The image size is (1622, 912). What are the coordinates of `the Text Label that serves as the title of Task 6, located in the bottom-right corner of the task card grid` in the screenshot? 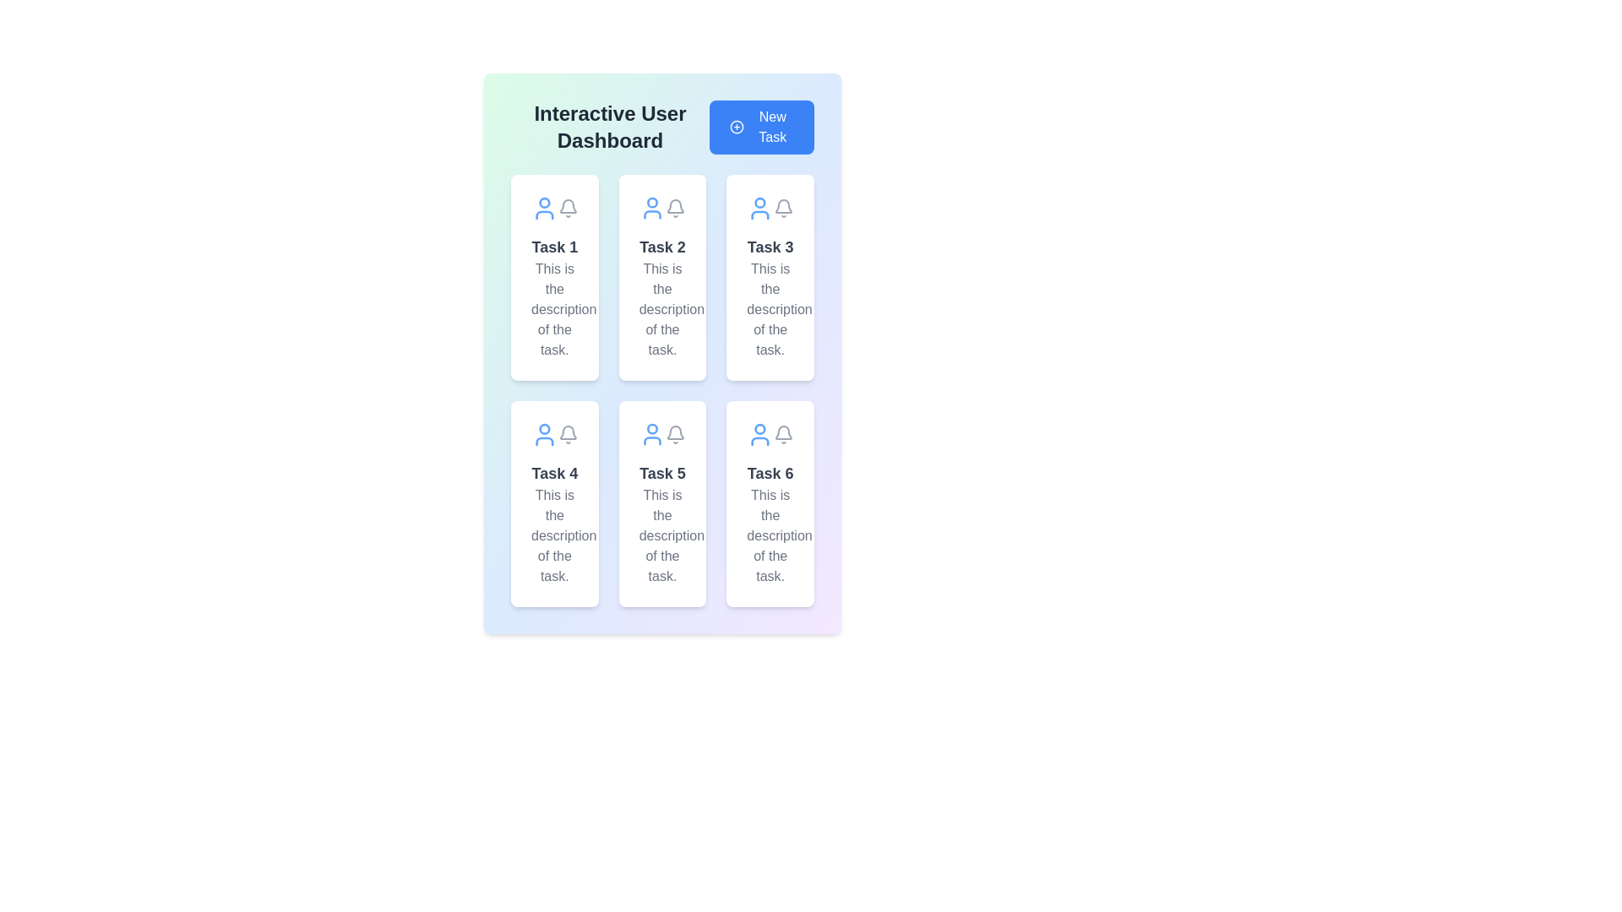 It's located at (770, 473).